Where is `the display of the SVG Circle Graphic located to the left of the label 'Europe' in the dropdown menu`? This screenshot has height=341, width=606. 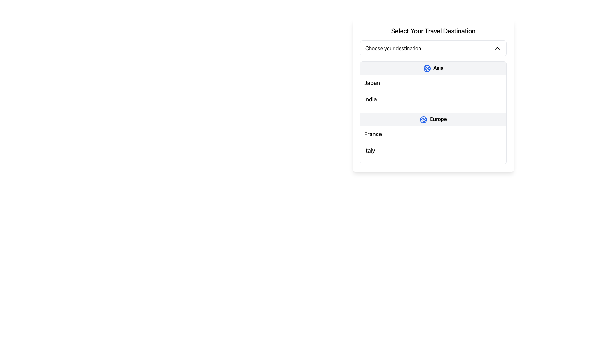
the display of the SVG Circle Graphic located to the left of the label 'Europe' in the dropdown menu is located at coordinates (427, 68).